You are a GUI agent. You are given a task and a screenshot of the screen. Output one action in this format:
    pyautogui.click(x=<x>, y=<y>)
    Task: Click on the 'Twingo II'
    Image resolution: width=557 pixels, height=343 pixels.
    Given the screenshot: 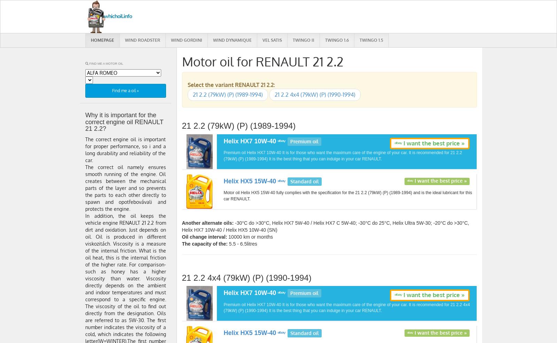 What is the action you would take?
    pyautogui.click(x=303, y=40)
    